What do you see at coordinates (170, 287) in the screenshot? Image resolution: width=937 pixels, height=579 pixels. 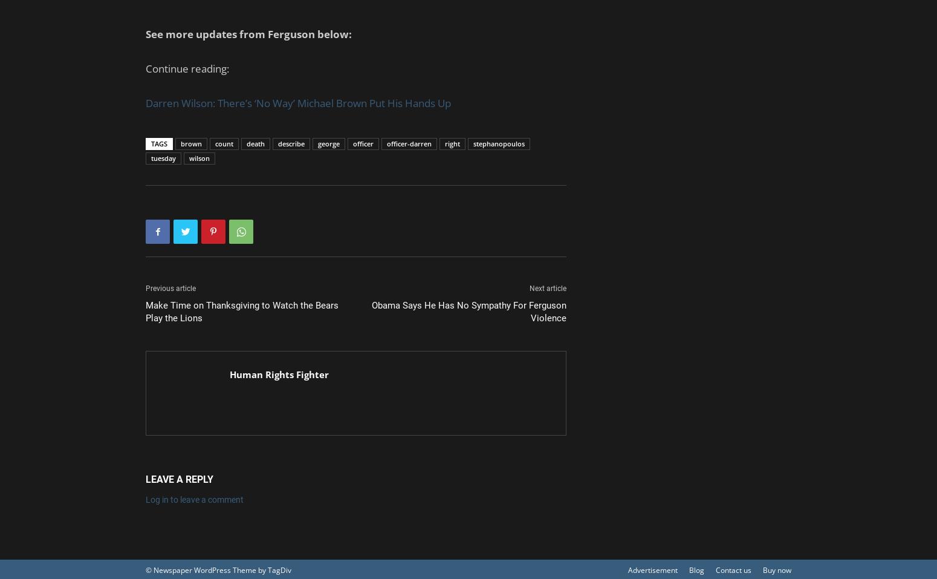 I see `'Previous article'` at bounding box center [170, 287].